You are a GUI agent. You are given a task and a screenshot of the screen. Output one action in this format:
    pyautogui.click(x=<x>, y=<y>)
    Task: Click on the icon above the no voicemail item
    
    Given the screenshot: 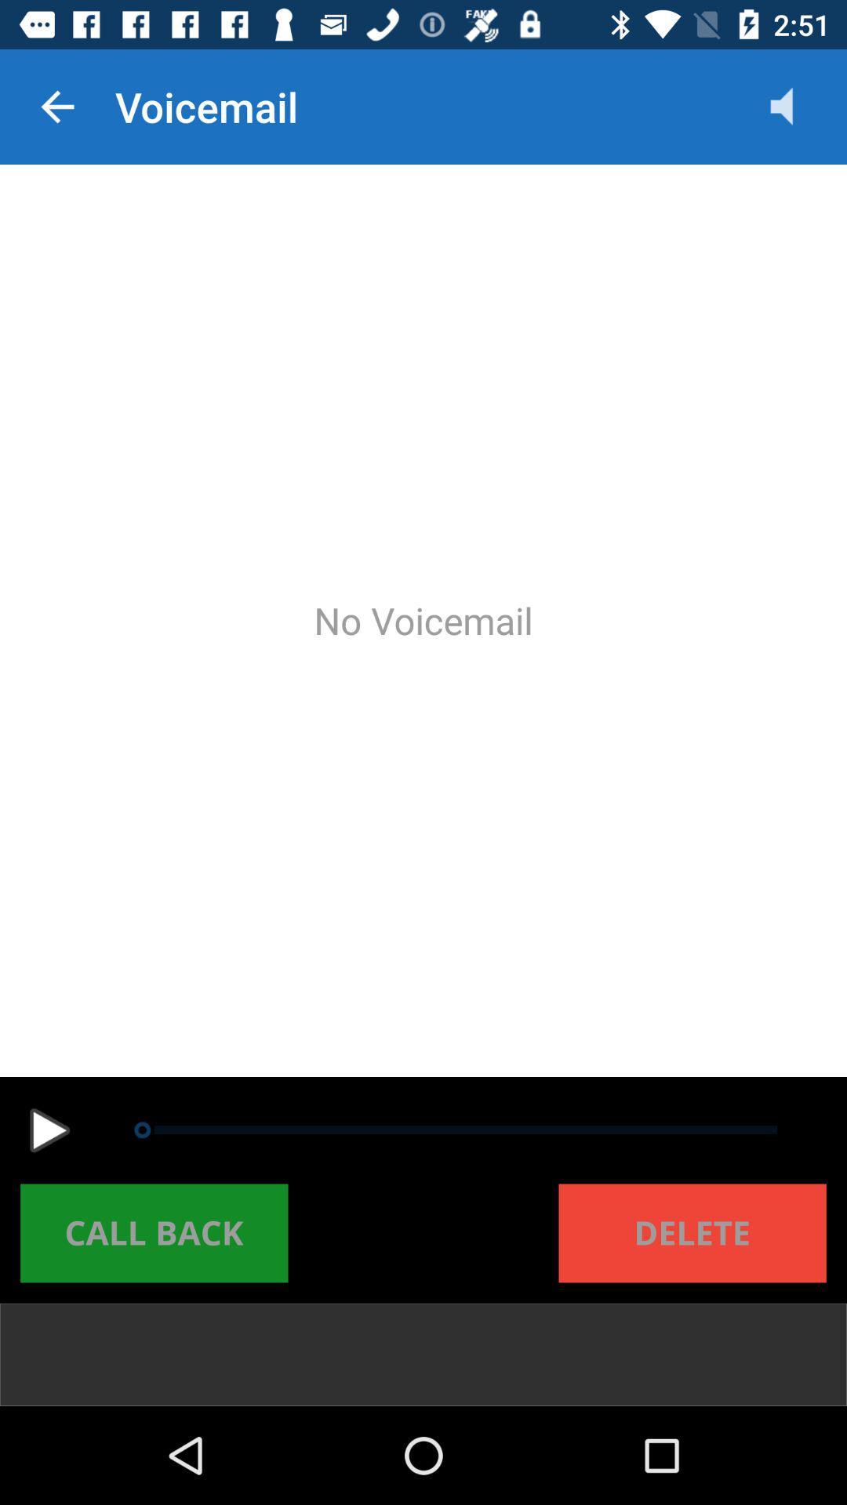 What is the action you would take?
    pyautogui.click(x=56, y=106)
    